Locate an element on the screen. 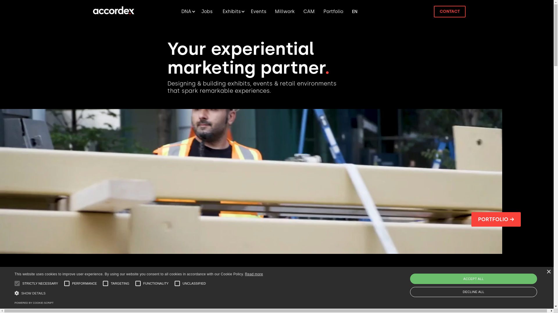 This screenshot has height=313, width=558. 'FR is located at coordinates (354, 11).